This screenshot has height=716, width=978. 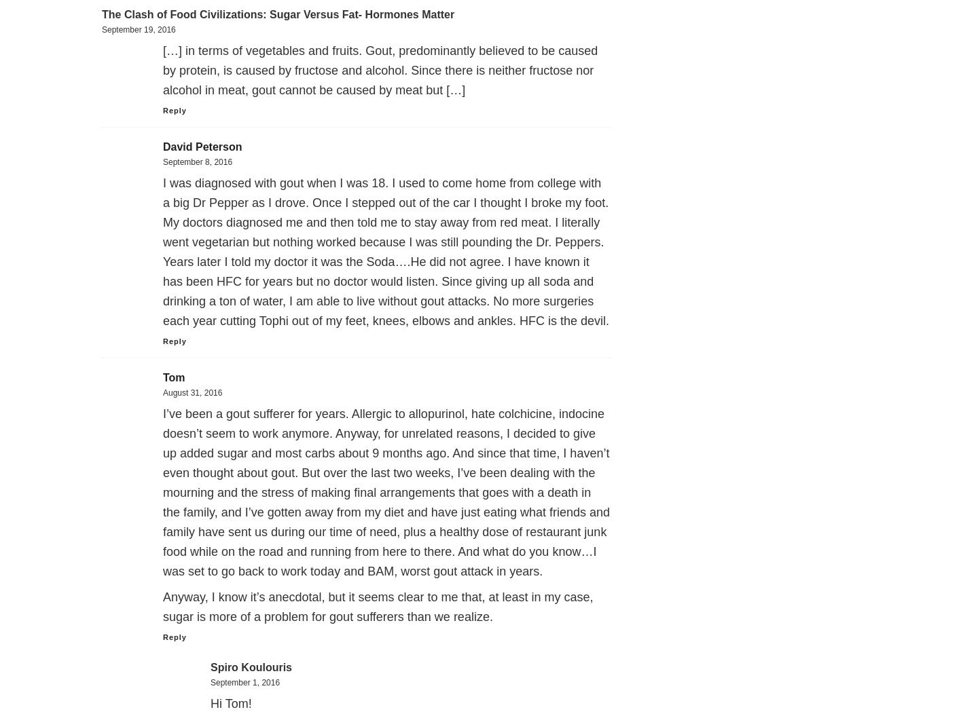 I want to click on 'September 19, 2016', so click(x=139, y=29).